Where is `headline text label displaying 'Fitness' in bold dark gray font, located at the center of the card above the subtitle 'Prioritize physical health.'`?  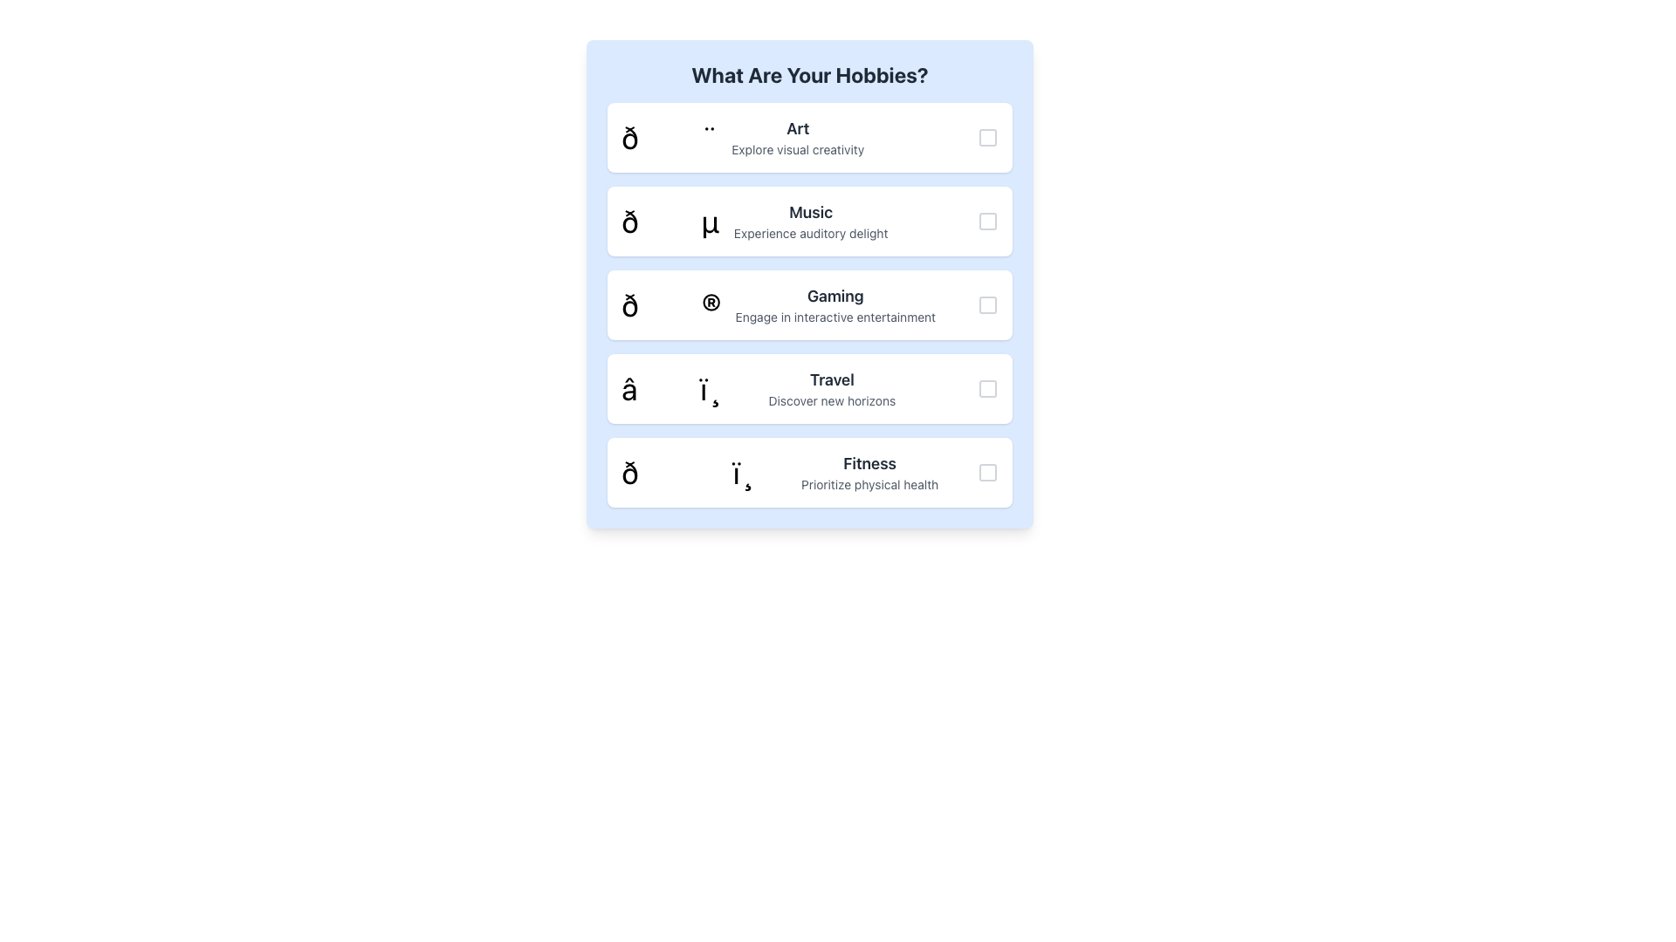
headline text label displaying 'Fitness' in bold dark gray font, located at the center of the card above the subtitle 'Prioritize physical health.' is located at coordinates (869, 463).